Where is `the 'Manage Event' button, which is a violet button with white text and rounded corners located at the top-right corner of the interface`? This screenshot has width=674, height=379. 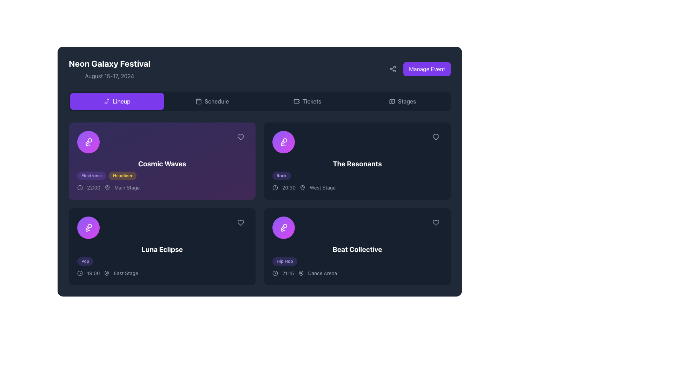 the 'Manage Event' button, which is a violet button with white text and rounded corners located at the top-right corner of the interface is located at coordinates (427, 69).